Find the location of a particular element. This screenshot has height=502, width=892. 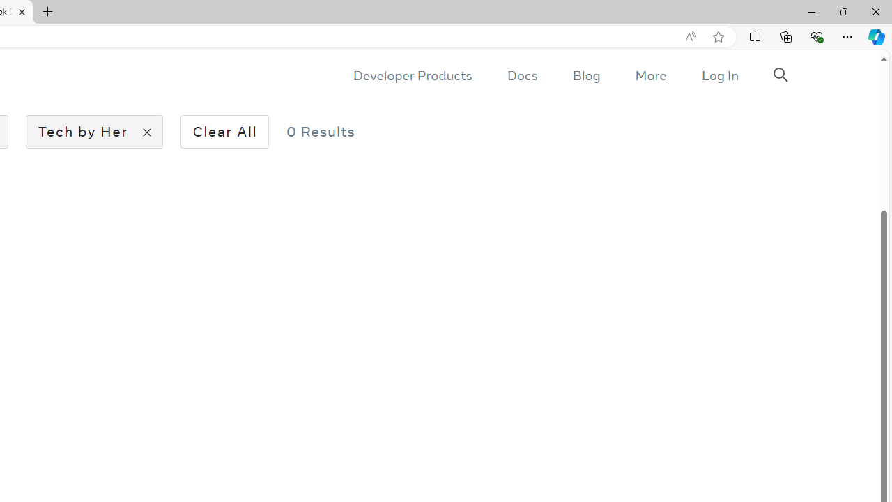

'More' is located at coordinates (649, 75).